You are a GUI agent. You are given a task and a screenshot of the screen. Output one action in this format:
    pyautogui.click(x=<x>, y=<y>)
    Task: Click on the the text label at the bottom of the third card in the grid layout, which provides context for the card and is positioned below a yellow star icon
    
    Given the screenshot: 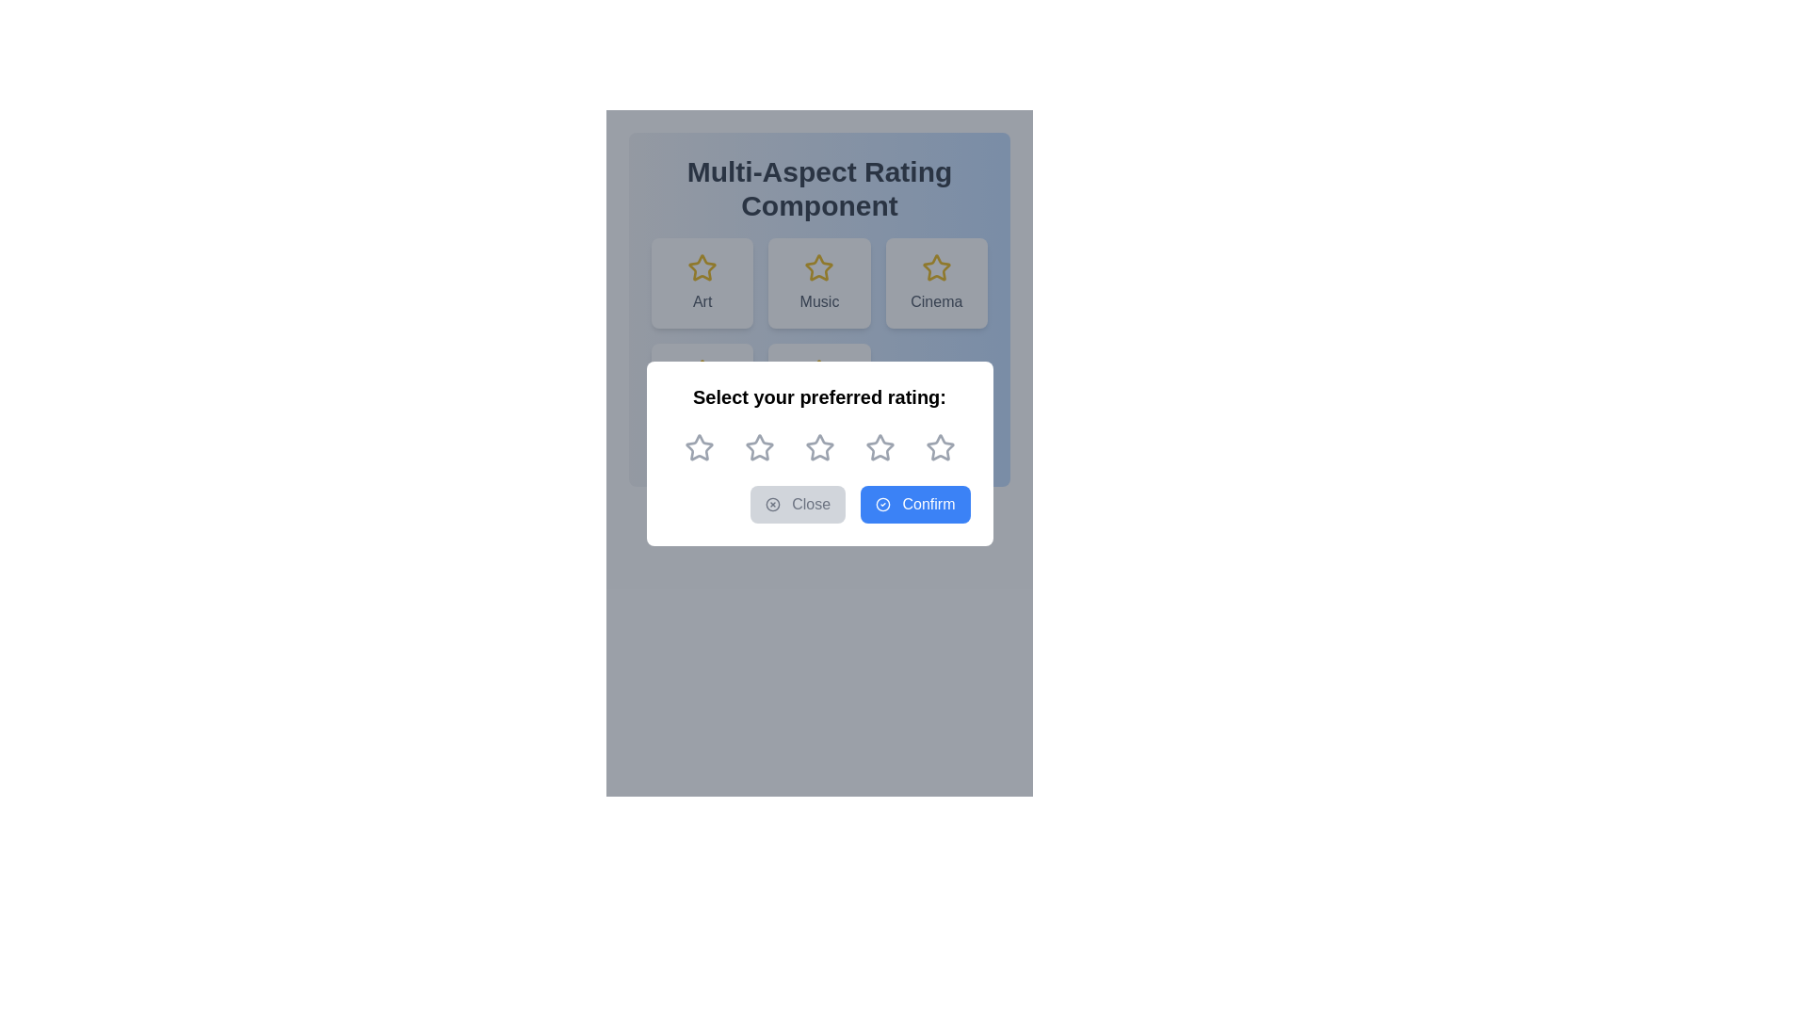 What is the action you would take?
    pyautogui.click(x=936, y=300)
    